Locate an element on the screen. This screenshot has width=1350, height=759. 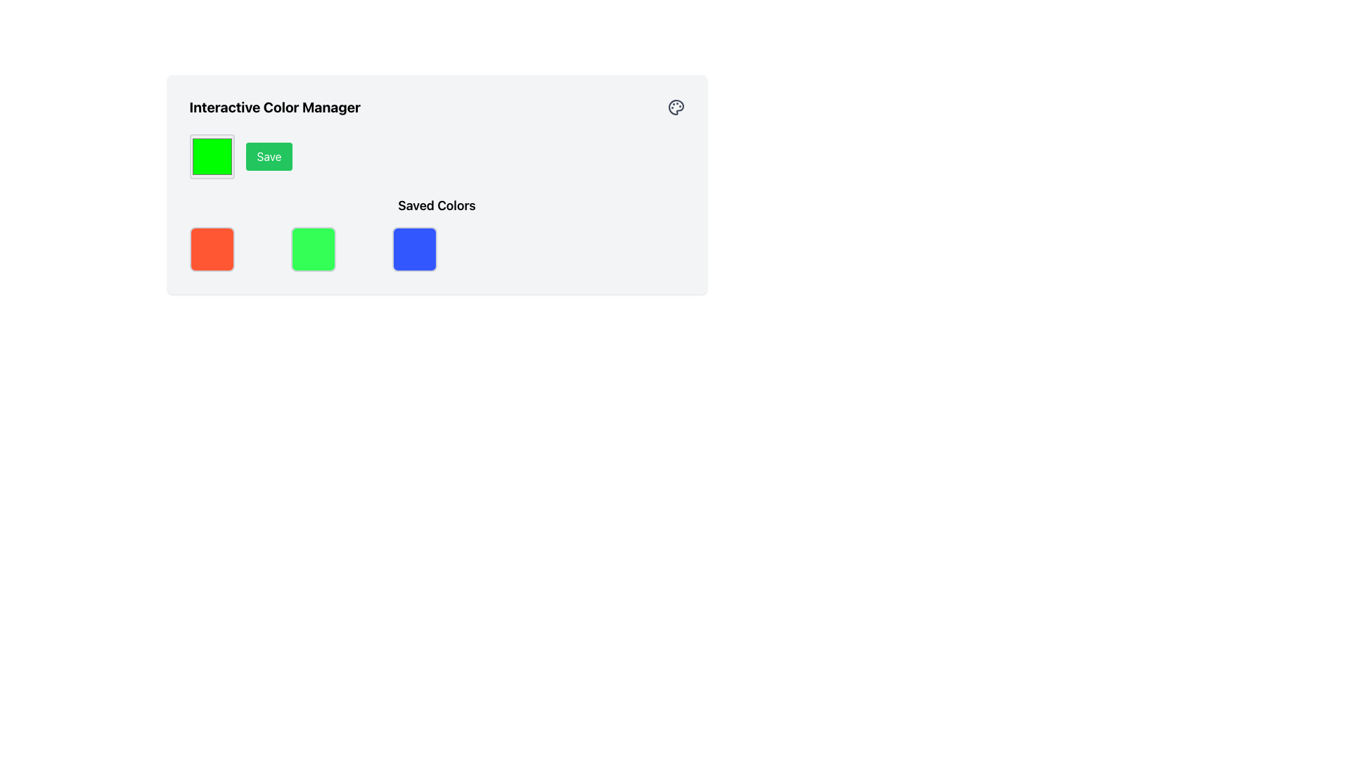
the third Color tile element, which is a solid blue rectangular tile with rounded corners located under the 'Saved Colors' section is located at coordinates (436, 233).